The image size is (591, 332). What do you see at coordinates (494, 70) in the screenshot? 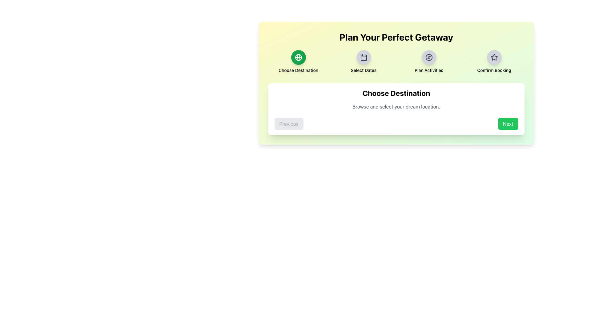
I see `the 'Confirm Booking' text label, which is displayed in a medium-sized black font below the fourth item in the navigation options of the 'Plan Your Perfect Getaway' section` at bounding box center [494, 70].